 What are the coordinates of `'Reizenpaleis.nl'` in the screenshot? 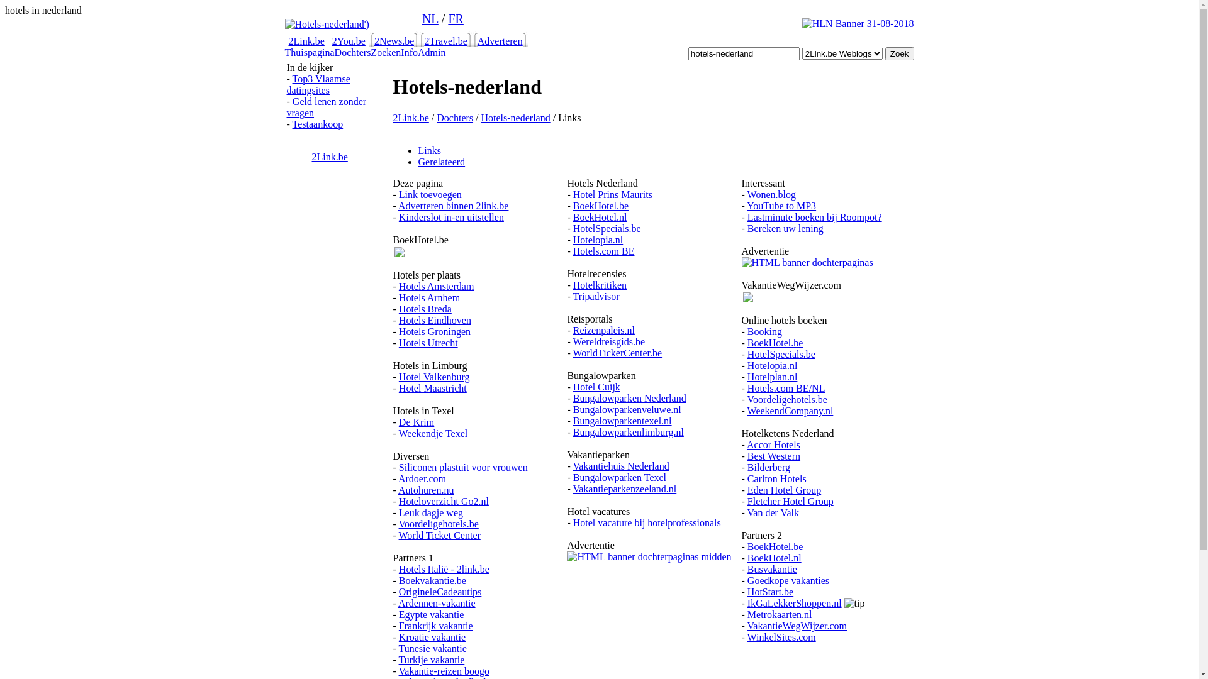 It's located at (604, 329).